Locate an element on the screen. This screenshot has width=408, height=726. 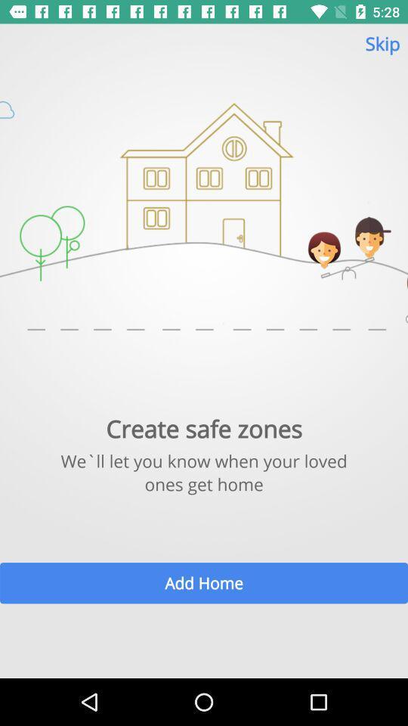
the girl image on the page is located at coordinates (323, 245).